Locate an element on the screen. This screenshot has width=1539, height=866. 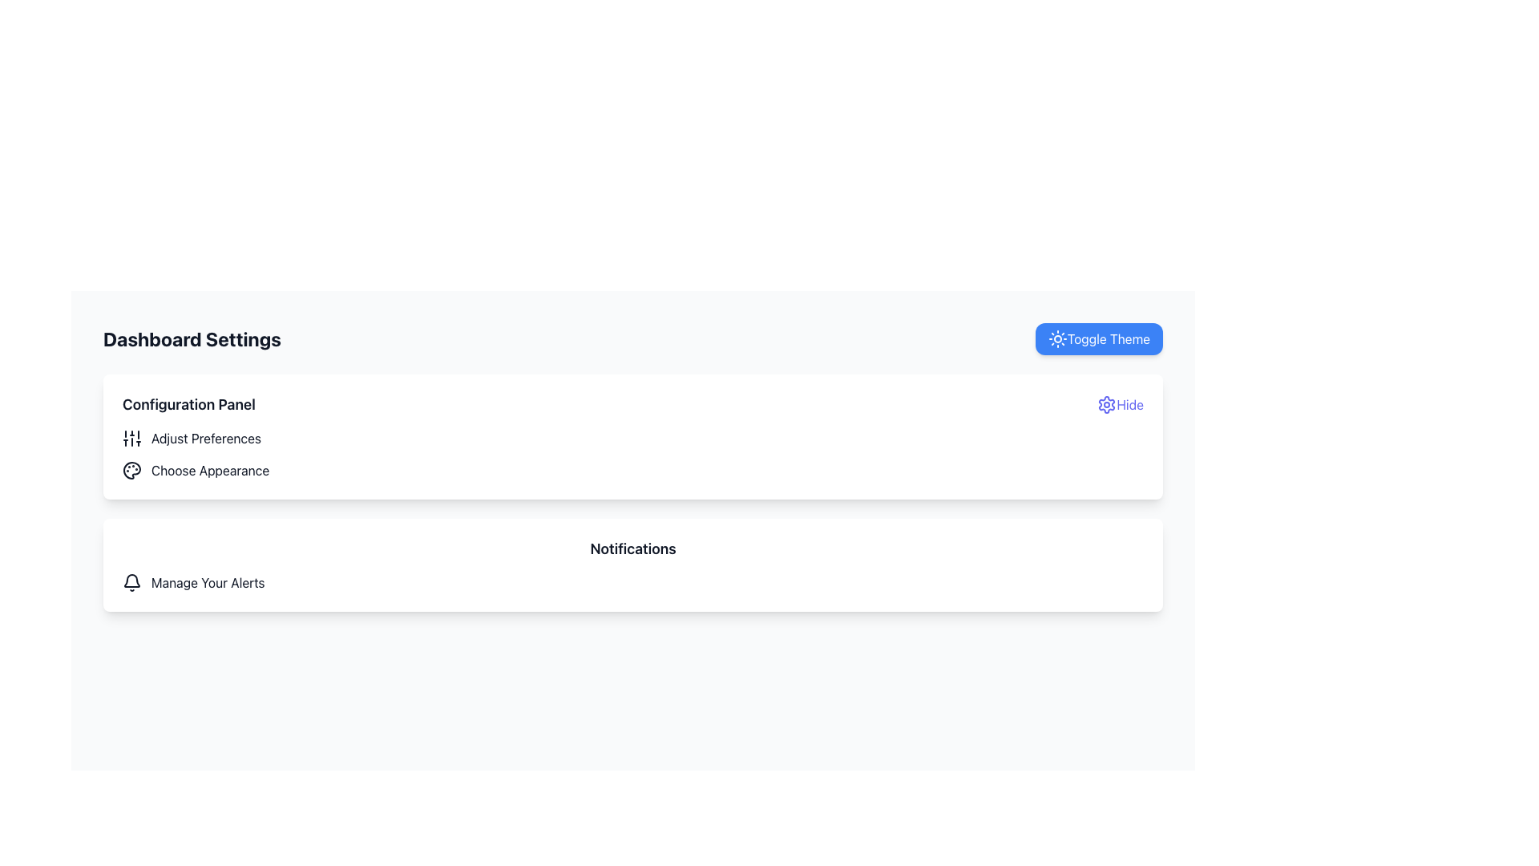
the sun icon within the 'Toggle Theme' button located in the top-right corner of the interface is located at coordinates (1057, 338).